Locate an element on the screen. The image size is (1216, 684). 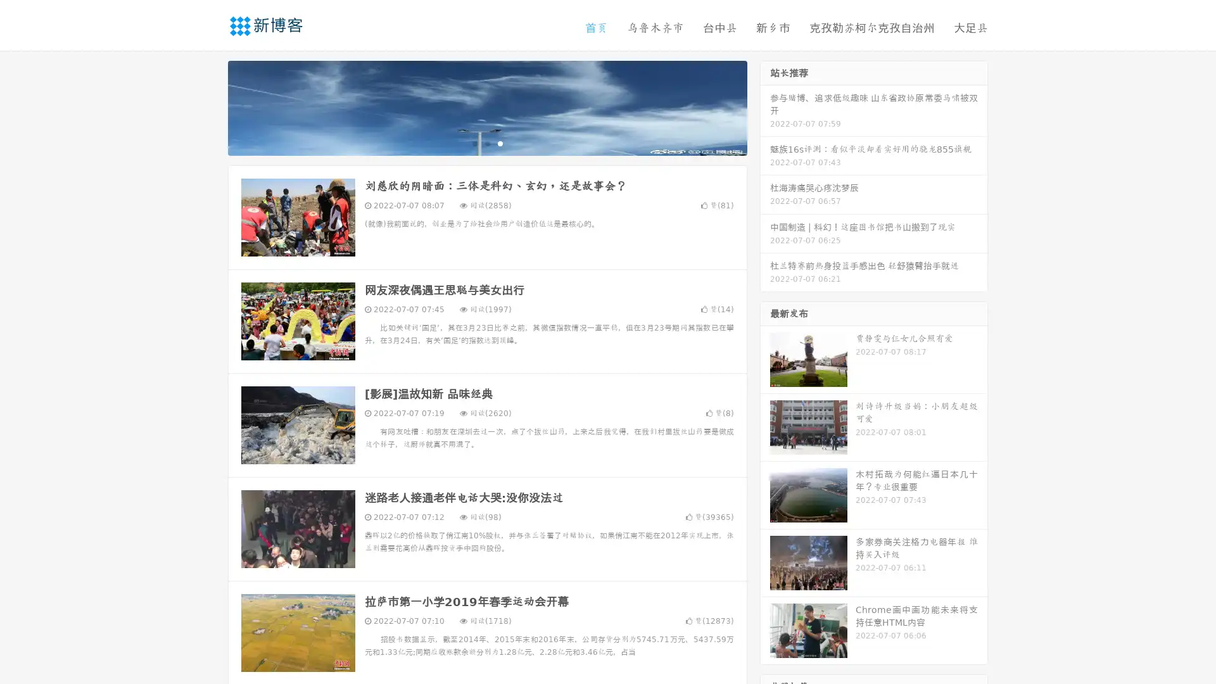
Go to slide 1 is located at coordinates (474, 142).